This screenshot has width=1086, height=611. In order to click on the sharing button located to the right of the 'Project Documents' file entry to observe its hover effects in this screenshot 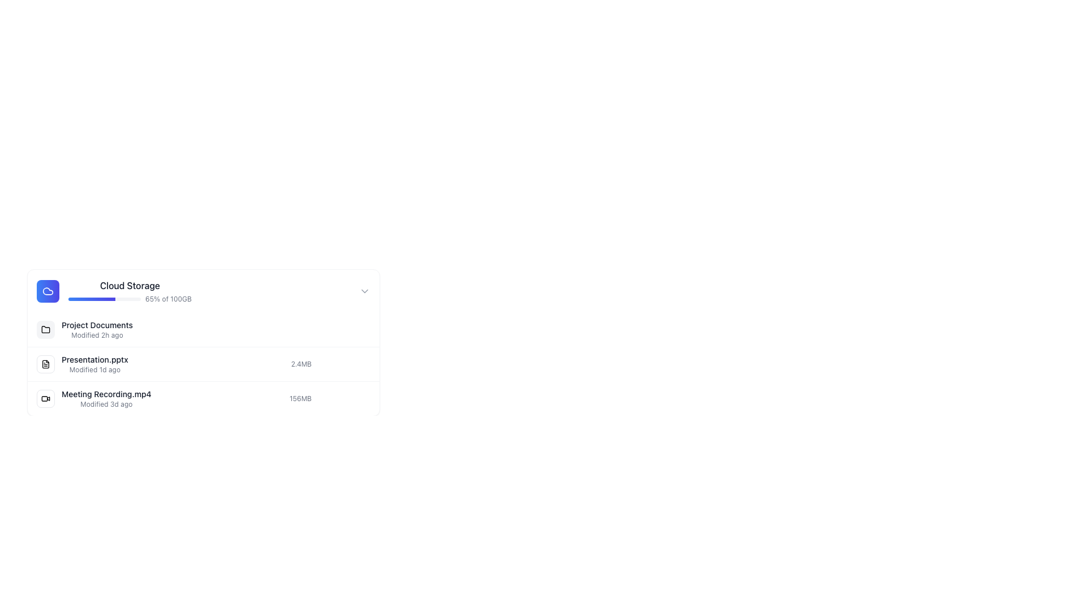, I will do `click(344, 329)`.